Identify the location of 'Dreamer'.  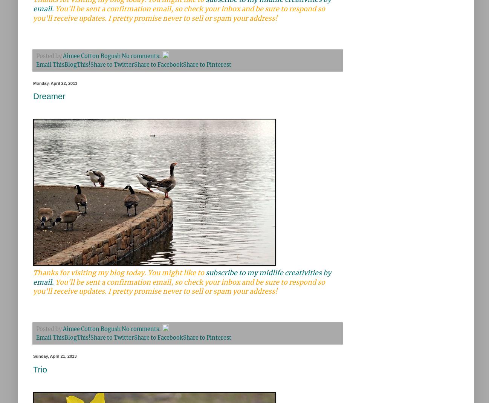
(49, 96).